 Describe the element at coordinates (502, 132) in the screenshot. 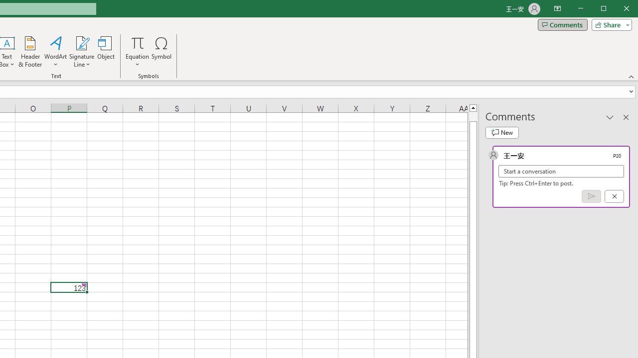

I see `'New comment'` at that location.